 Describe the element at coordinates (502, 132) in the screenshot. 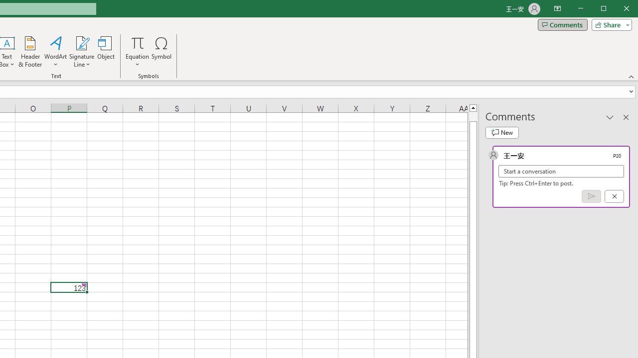

I see `'New comment'` at that location.